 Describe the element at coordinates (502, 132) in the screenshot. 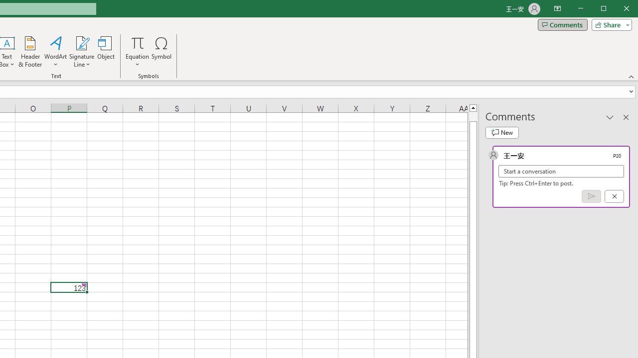

I see `'New comment'` at that location.